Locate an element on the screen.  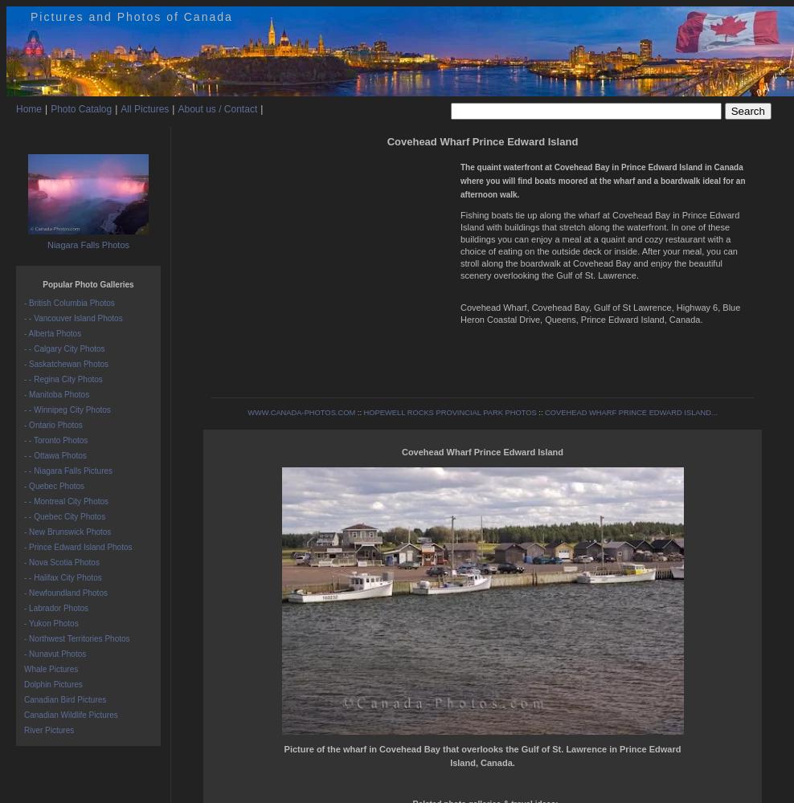
'- - Halifax City Photos' is located at coordinates (23, 577).